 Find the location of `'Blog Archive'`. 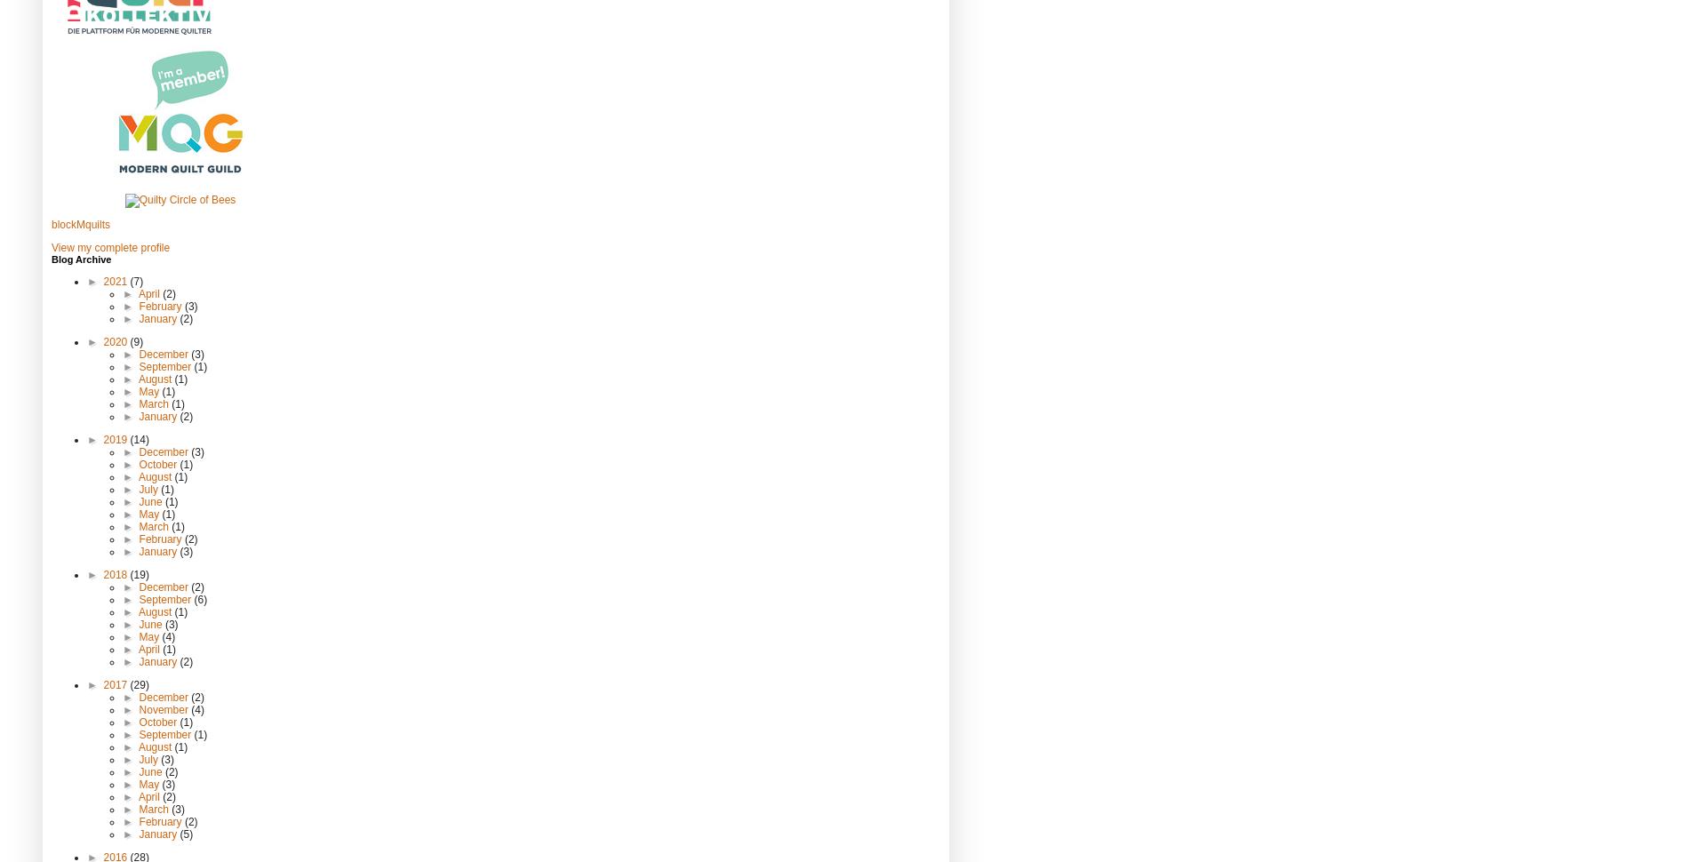

'Blog Archive' is located at coordinates (81, 259).